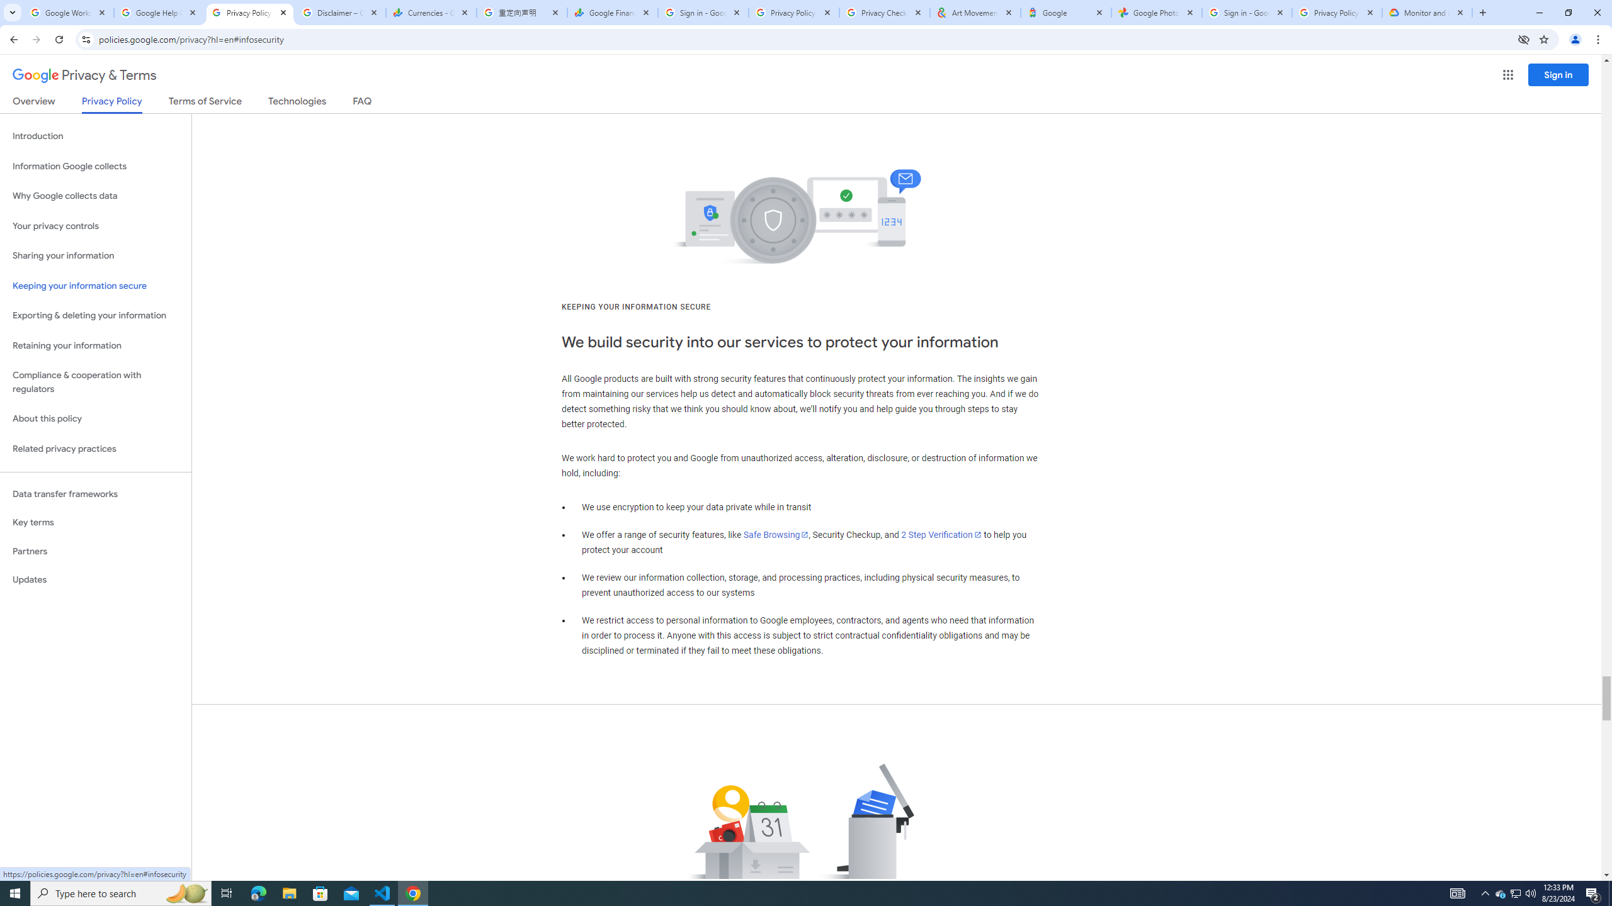 The image size is (1612, 906). I want to click on 'Introduction', so click(95, 135).